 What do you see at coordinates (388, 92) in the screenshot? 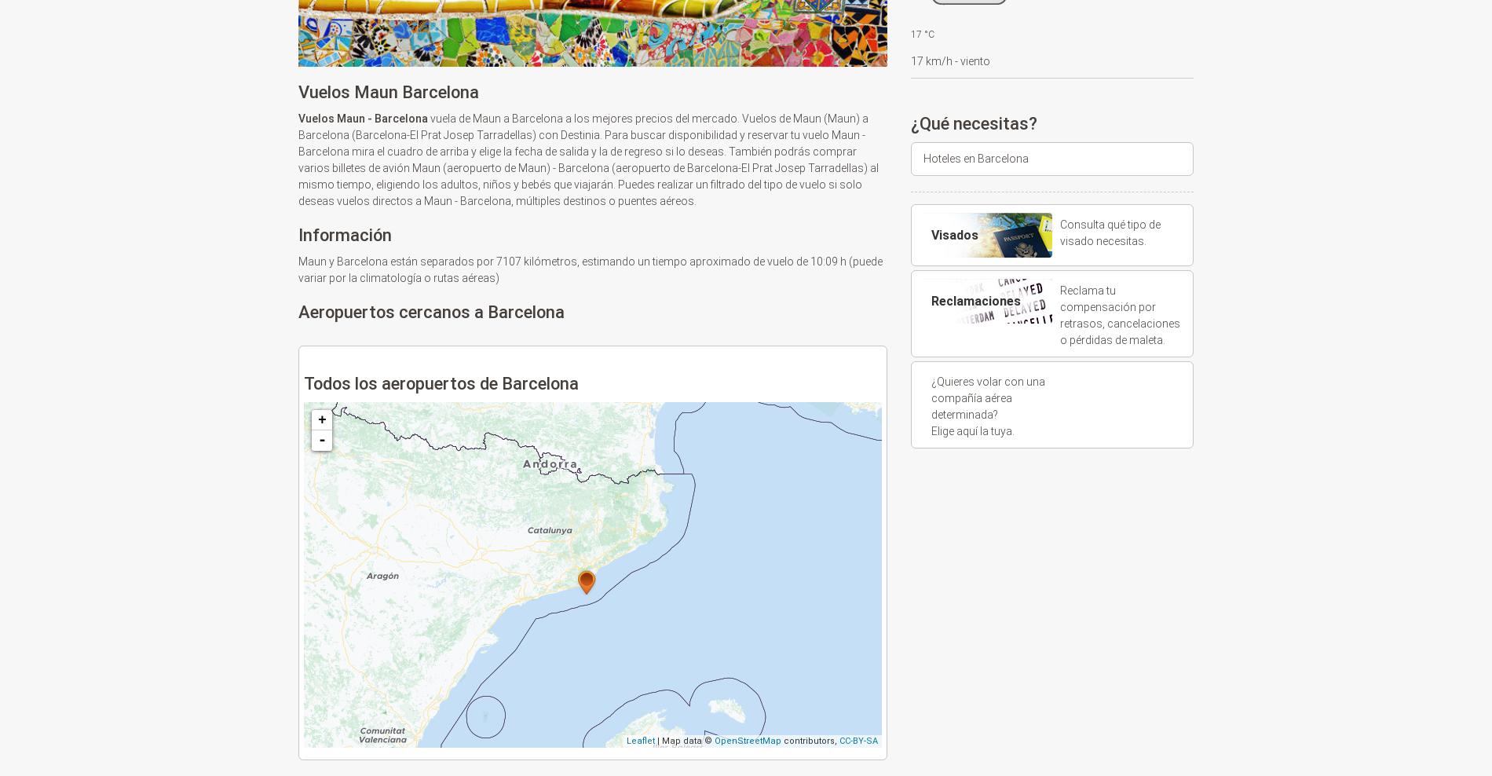
I see `'Vuelos Maun Barcelona'` at bounding box center [388, 92].